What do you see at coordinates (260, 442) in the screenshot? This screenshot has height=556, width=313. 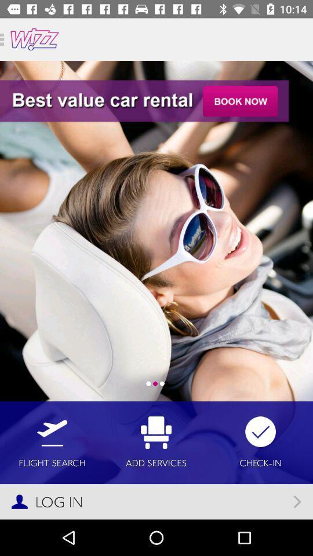 I see `check-in` at bounding box center [260, 442].